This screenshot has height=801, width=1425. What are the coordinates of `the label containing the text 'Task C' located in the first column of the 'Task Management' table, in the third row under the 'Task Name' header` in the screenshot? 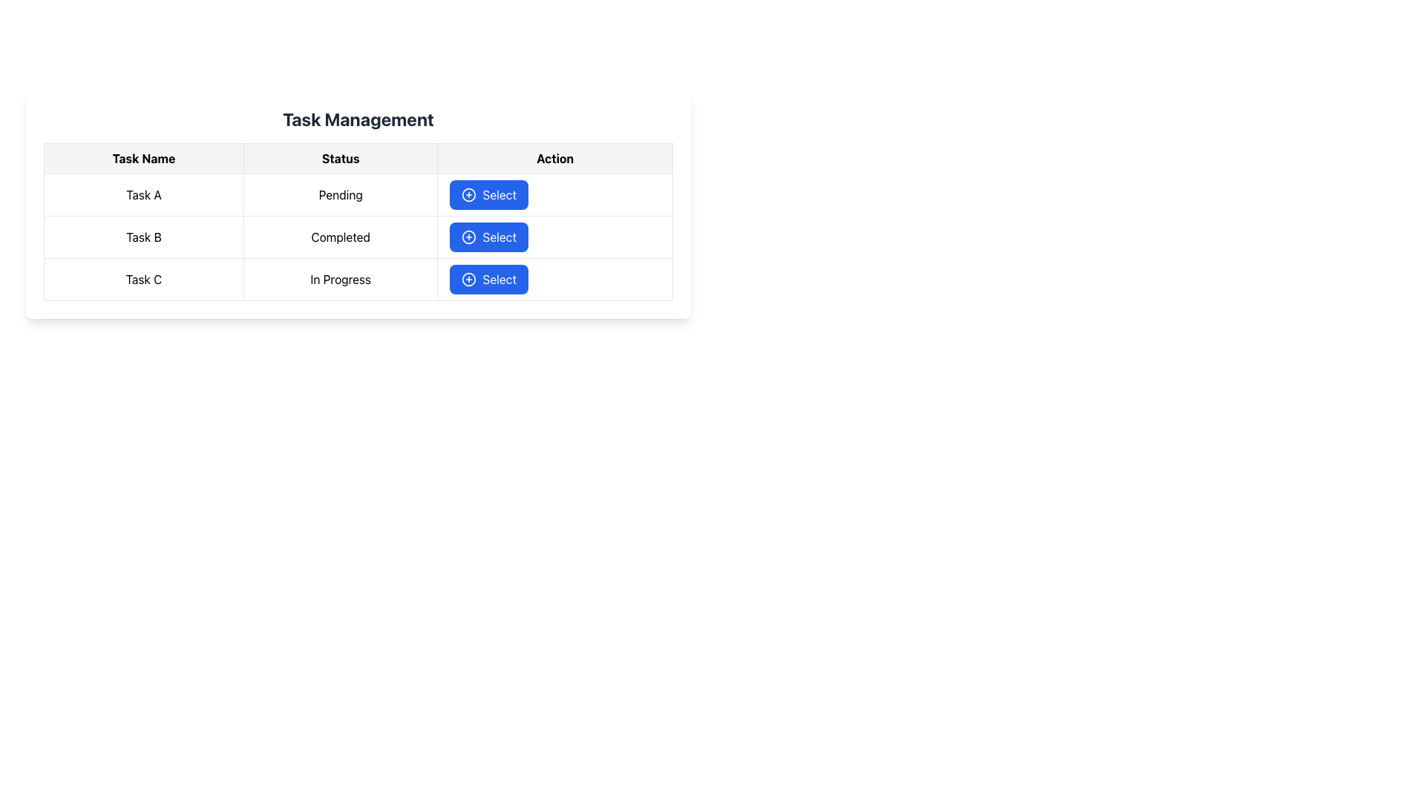 It's located at (143, 280).